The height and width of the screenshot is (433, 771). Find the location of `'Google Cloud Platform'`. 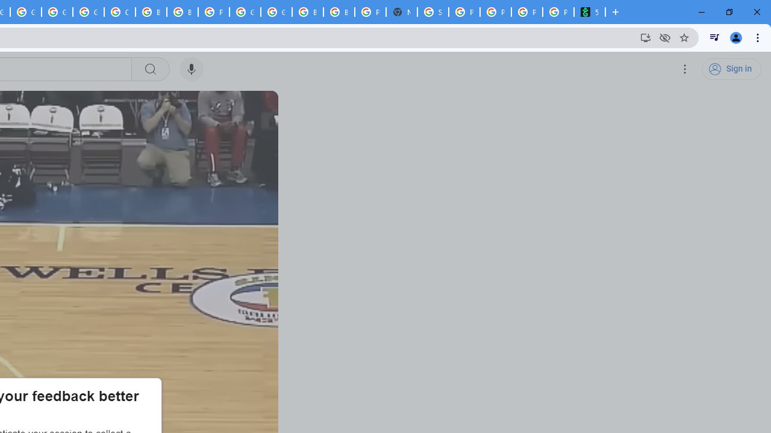

'Google Cloud Platform' is located at coordinates (245, 12).